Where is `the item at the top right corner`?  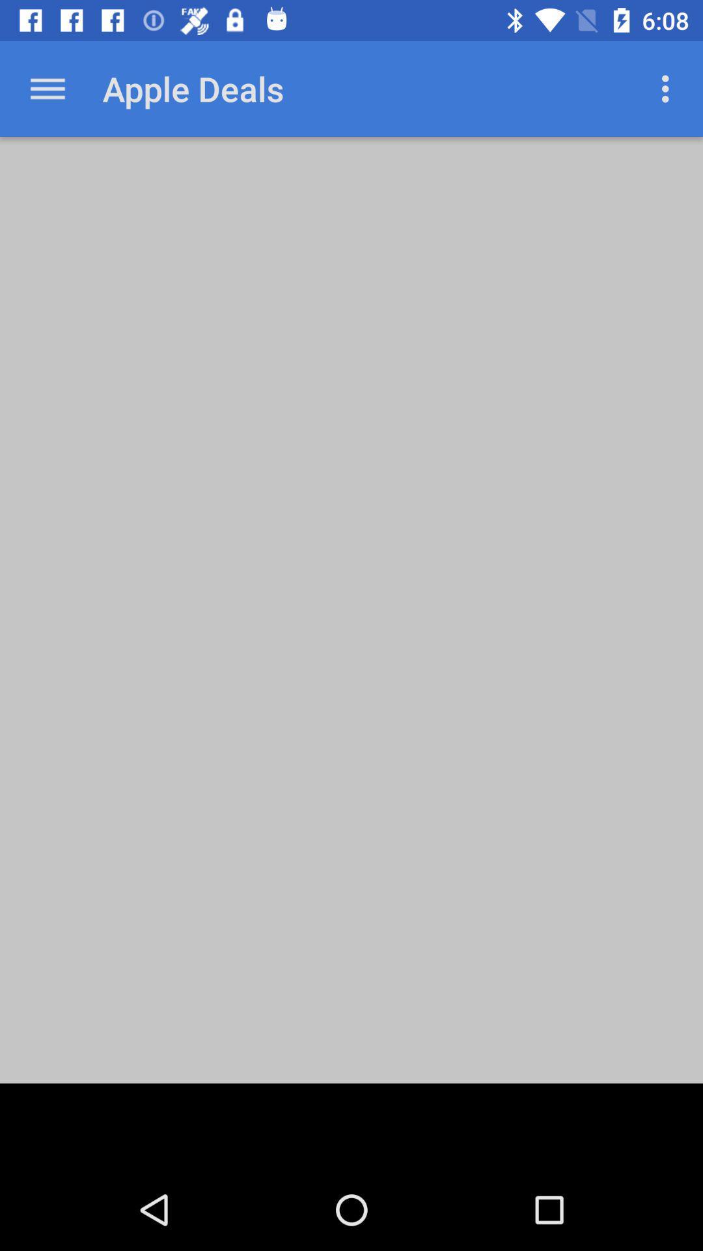 the item at the top right corner is located at coordinates (669, 88).